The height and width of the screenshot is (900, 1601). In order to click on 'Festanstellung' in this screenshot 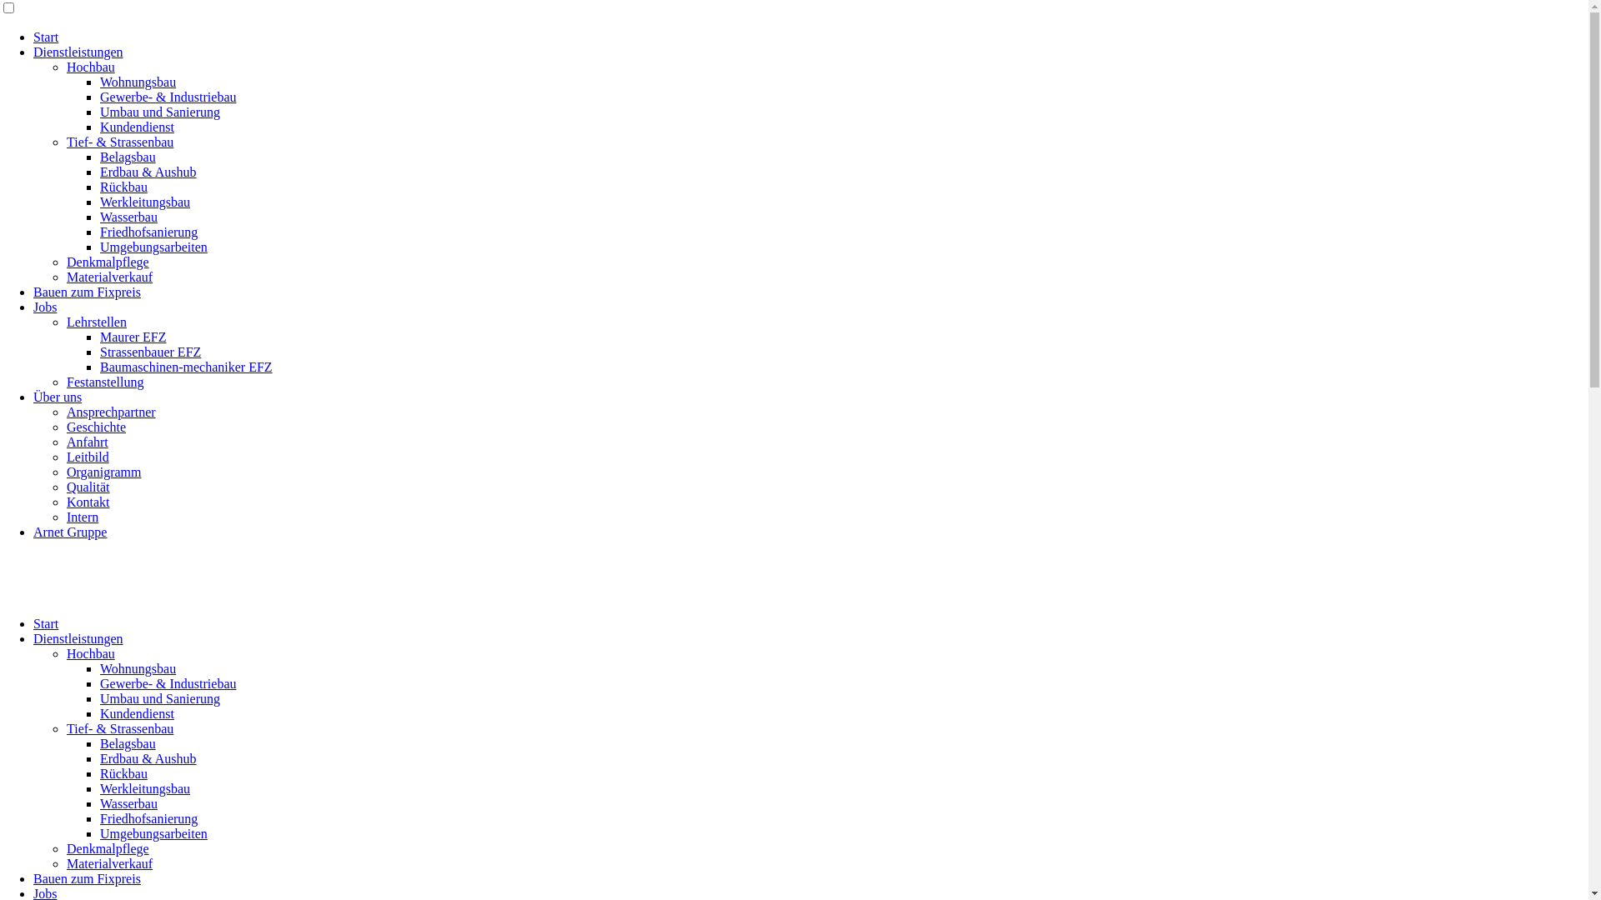, I will do `click(103, 382)`.